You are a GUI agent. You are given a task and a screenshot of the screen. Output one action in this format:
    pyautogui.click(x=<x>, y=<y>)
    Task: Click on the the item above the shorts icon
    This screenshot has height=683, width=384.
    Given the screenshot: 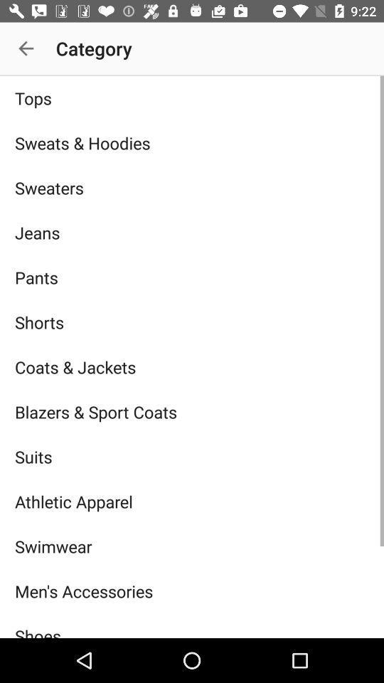 What is the action you would take?
    pyautogui.click(x=192, y=277)
    